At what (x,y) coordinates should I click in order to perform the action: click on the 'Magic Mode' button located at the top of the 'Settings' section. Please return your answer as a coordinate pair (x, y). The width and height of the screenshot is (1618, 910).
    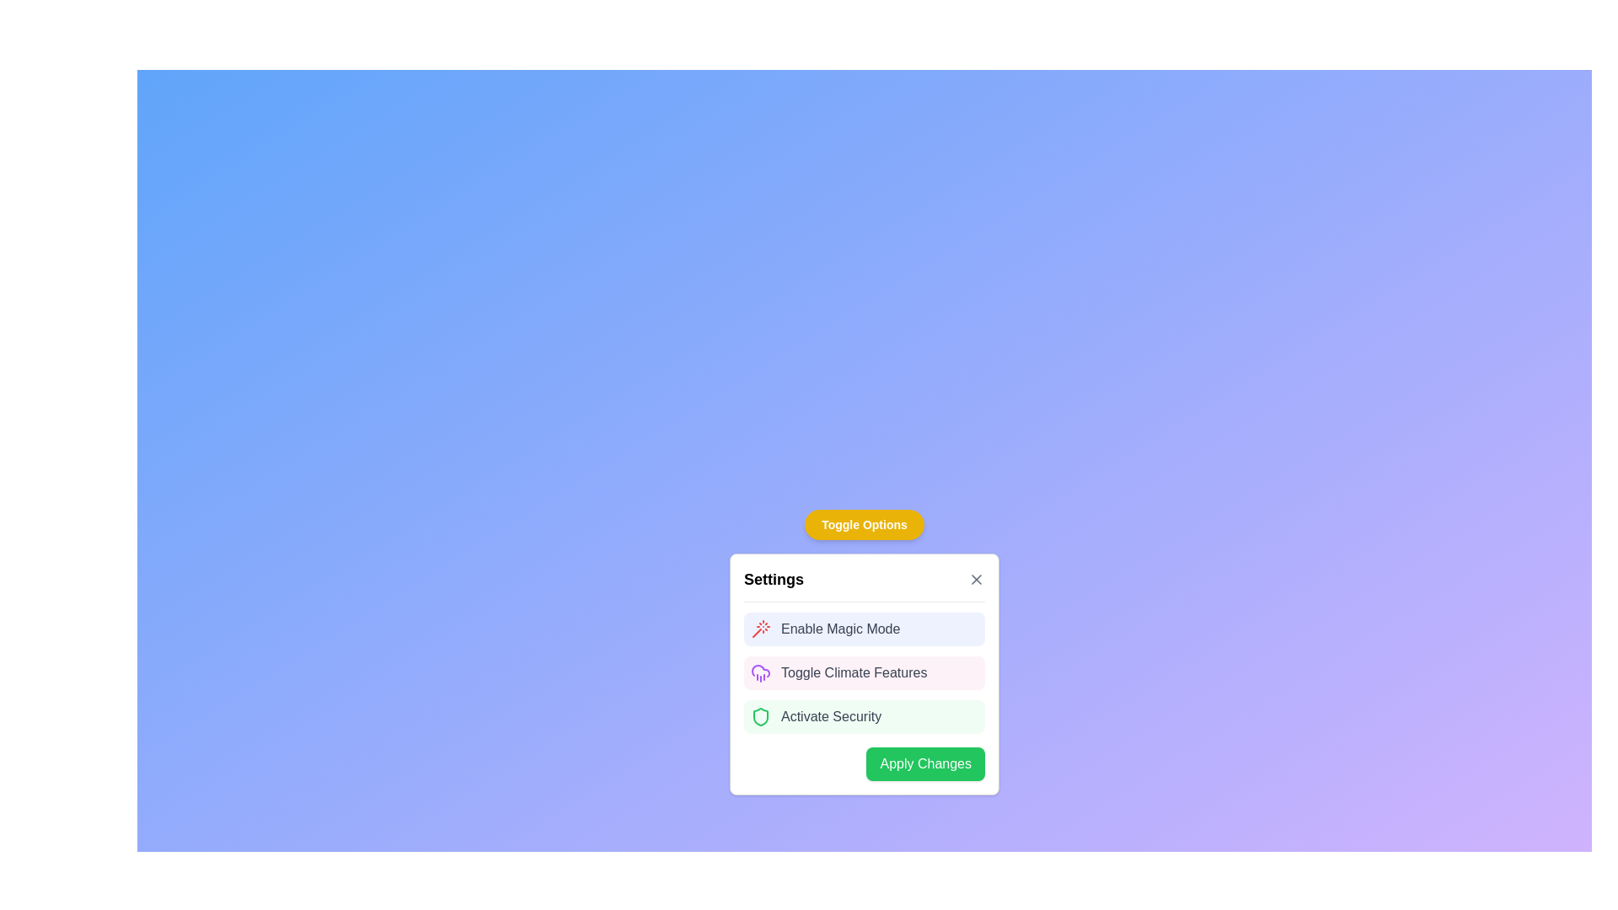
    Looking at the image, I should click on (865, 629).